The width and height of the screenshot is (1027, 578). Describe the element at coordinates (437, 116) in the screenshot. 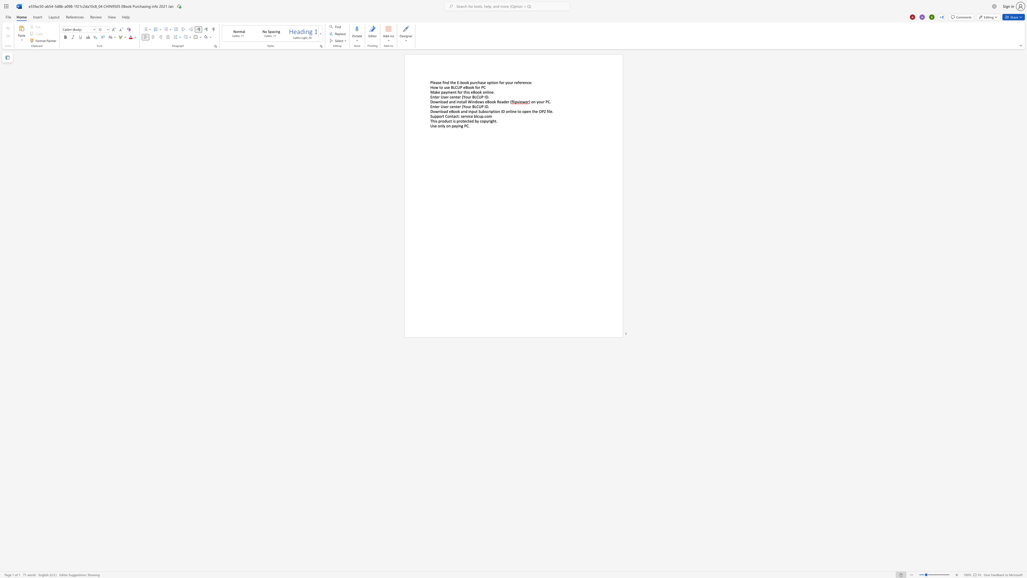

I see `the 2th character "p" in the text` at that location.